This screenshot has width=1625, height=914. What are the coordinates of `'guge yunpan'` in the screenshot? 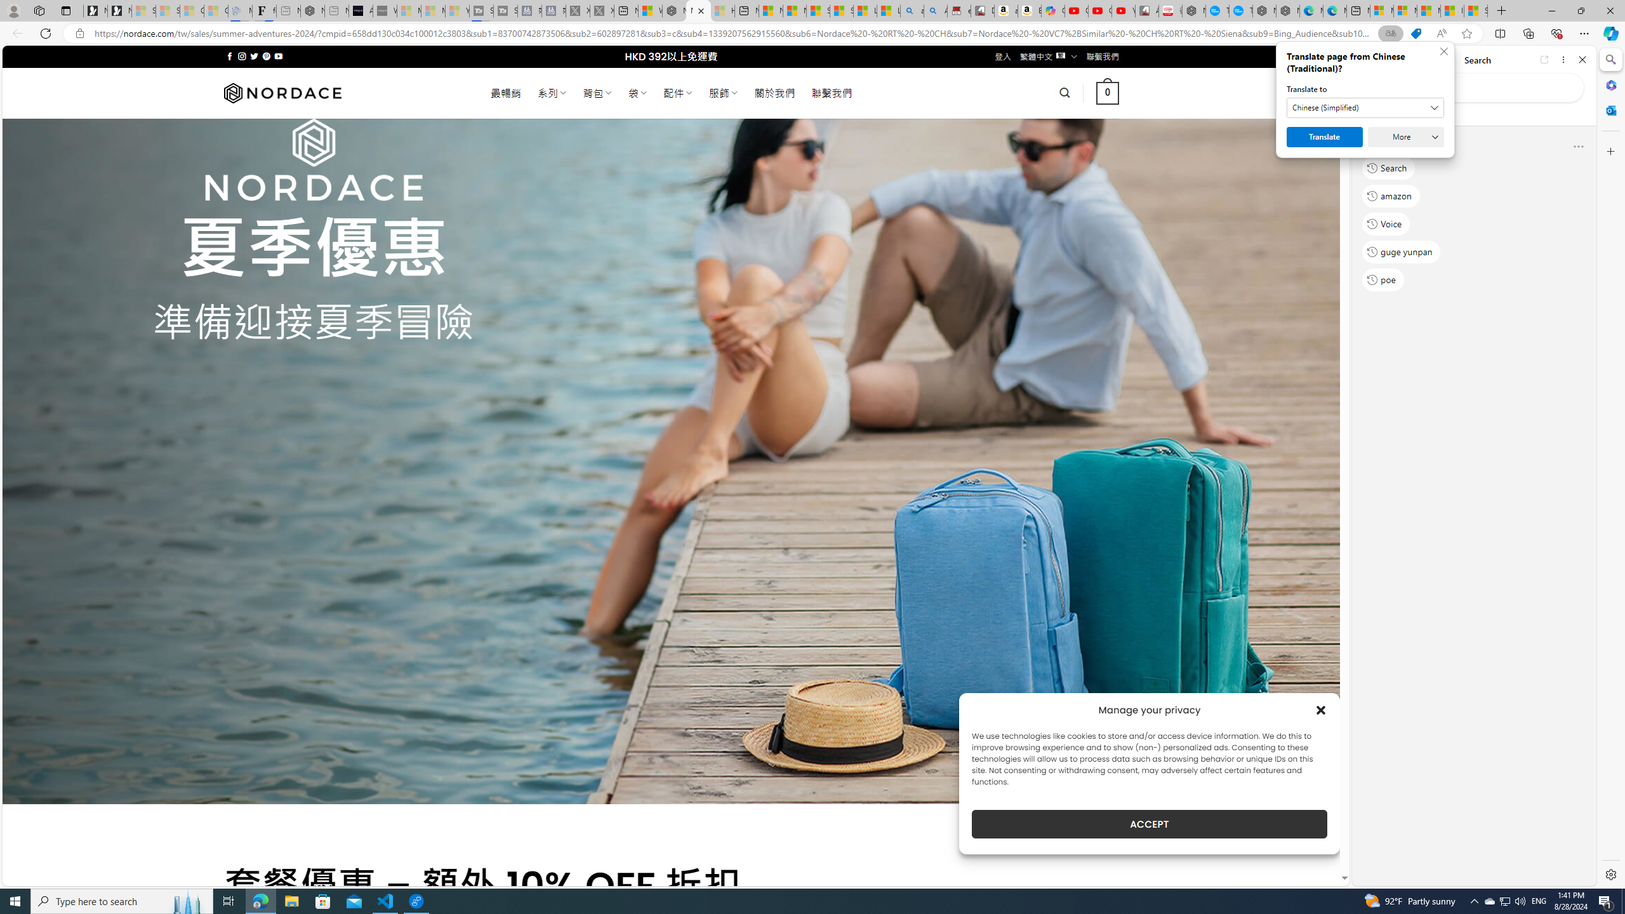 It's located at (1402, 251).